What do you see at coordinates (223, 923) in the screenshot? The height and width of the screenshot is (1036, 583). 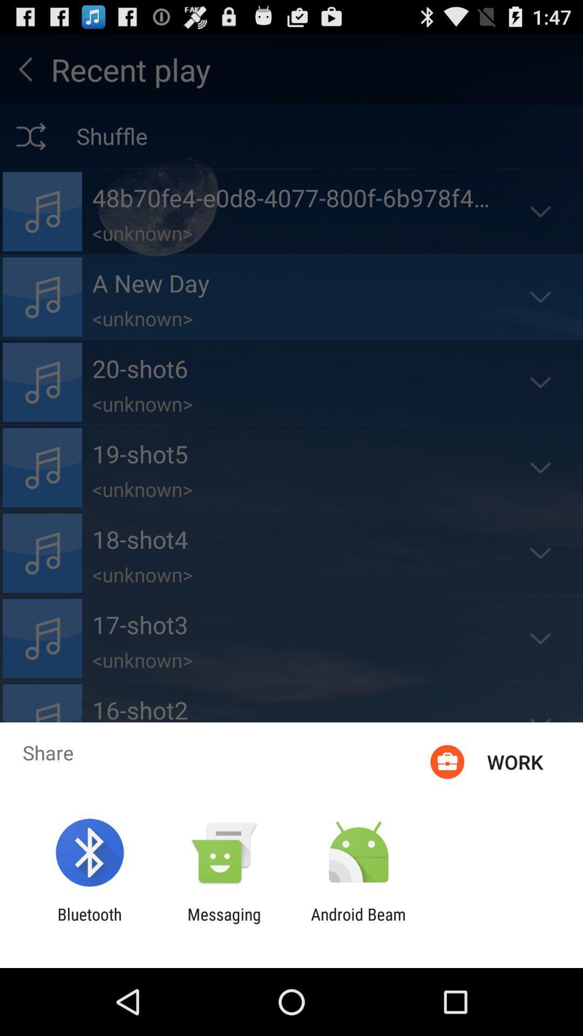 I see `the messaging app` at bounding box center [223, 923].